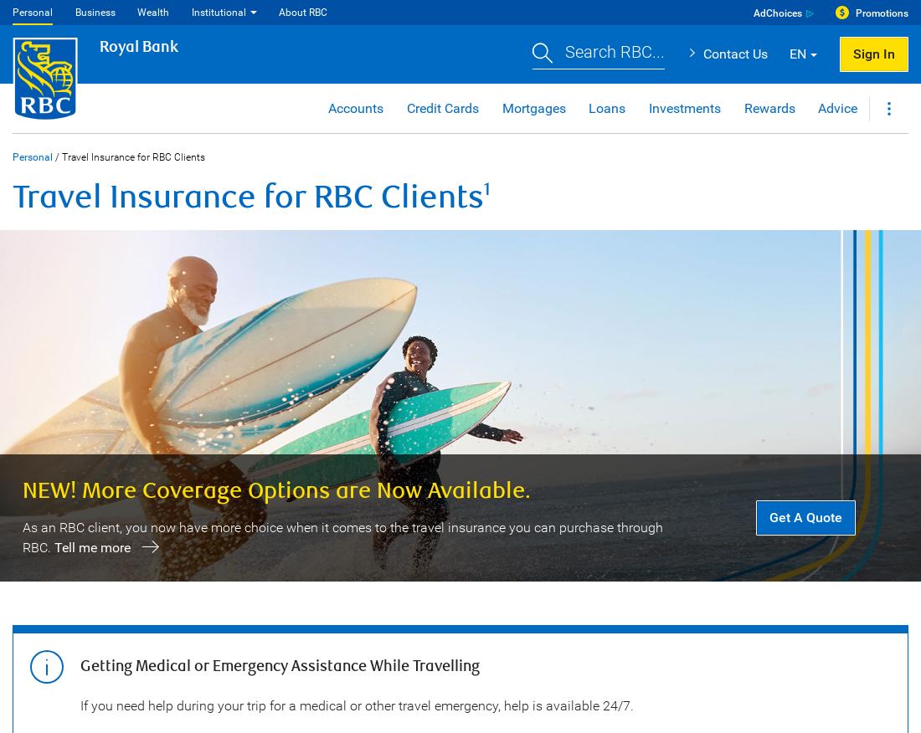 The image size is (921, 733). Describe the element at coordinates (94, 11) in the screenshot. I see `'Business'` at that location.